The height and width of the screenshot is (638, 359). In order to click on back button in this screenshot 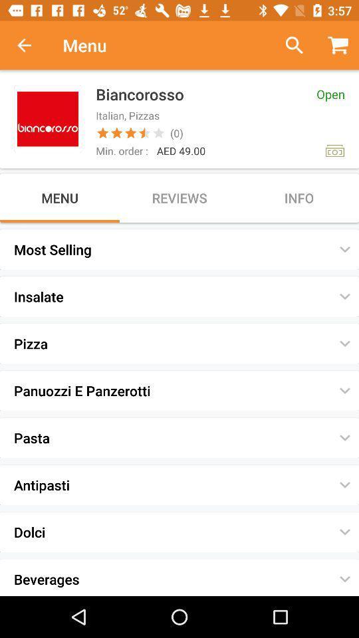, I will do `click(31, 45)`.